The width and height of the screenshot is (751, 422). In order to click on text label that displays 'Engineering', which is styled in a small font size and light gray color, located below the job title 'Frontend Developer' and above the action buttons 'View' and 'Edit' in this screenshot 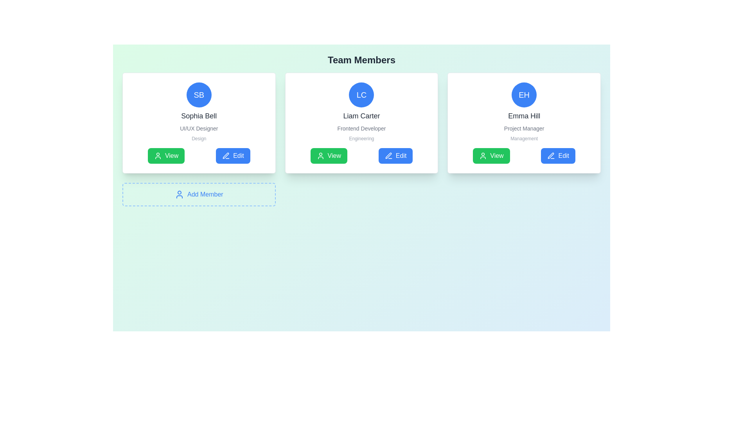, I will do `click(361, 138)`.